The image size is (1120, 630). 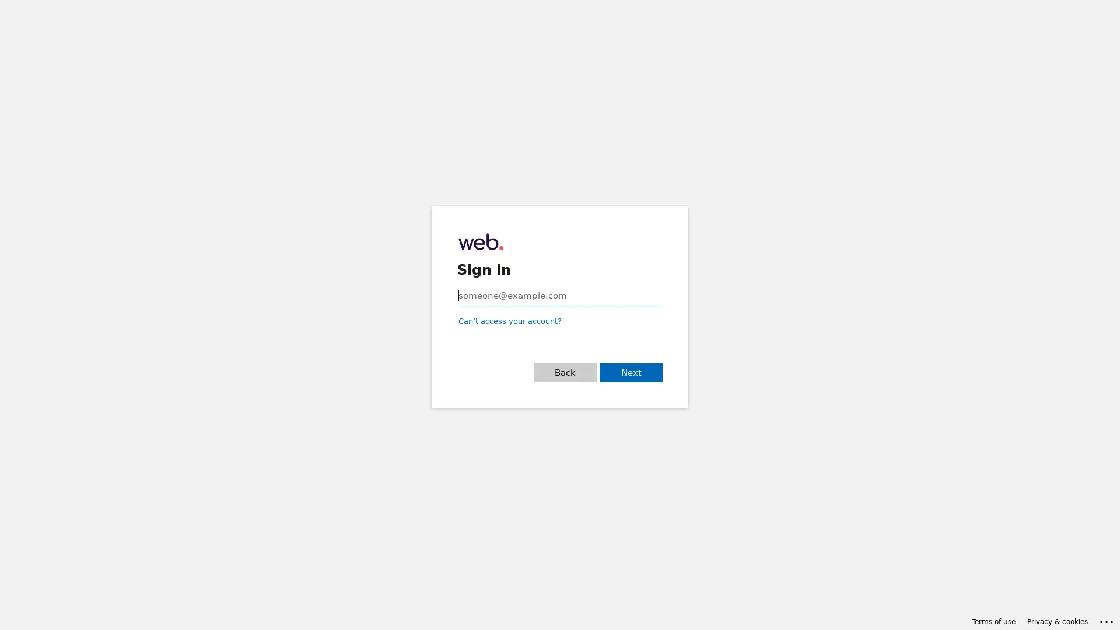 What do you see at coordinates (565, 352) in the screenshot?
I see `Back` at bounding box center [565, 352].